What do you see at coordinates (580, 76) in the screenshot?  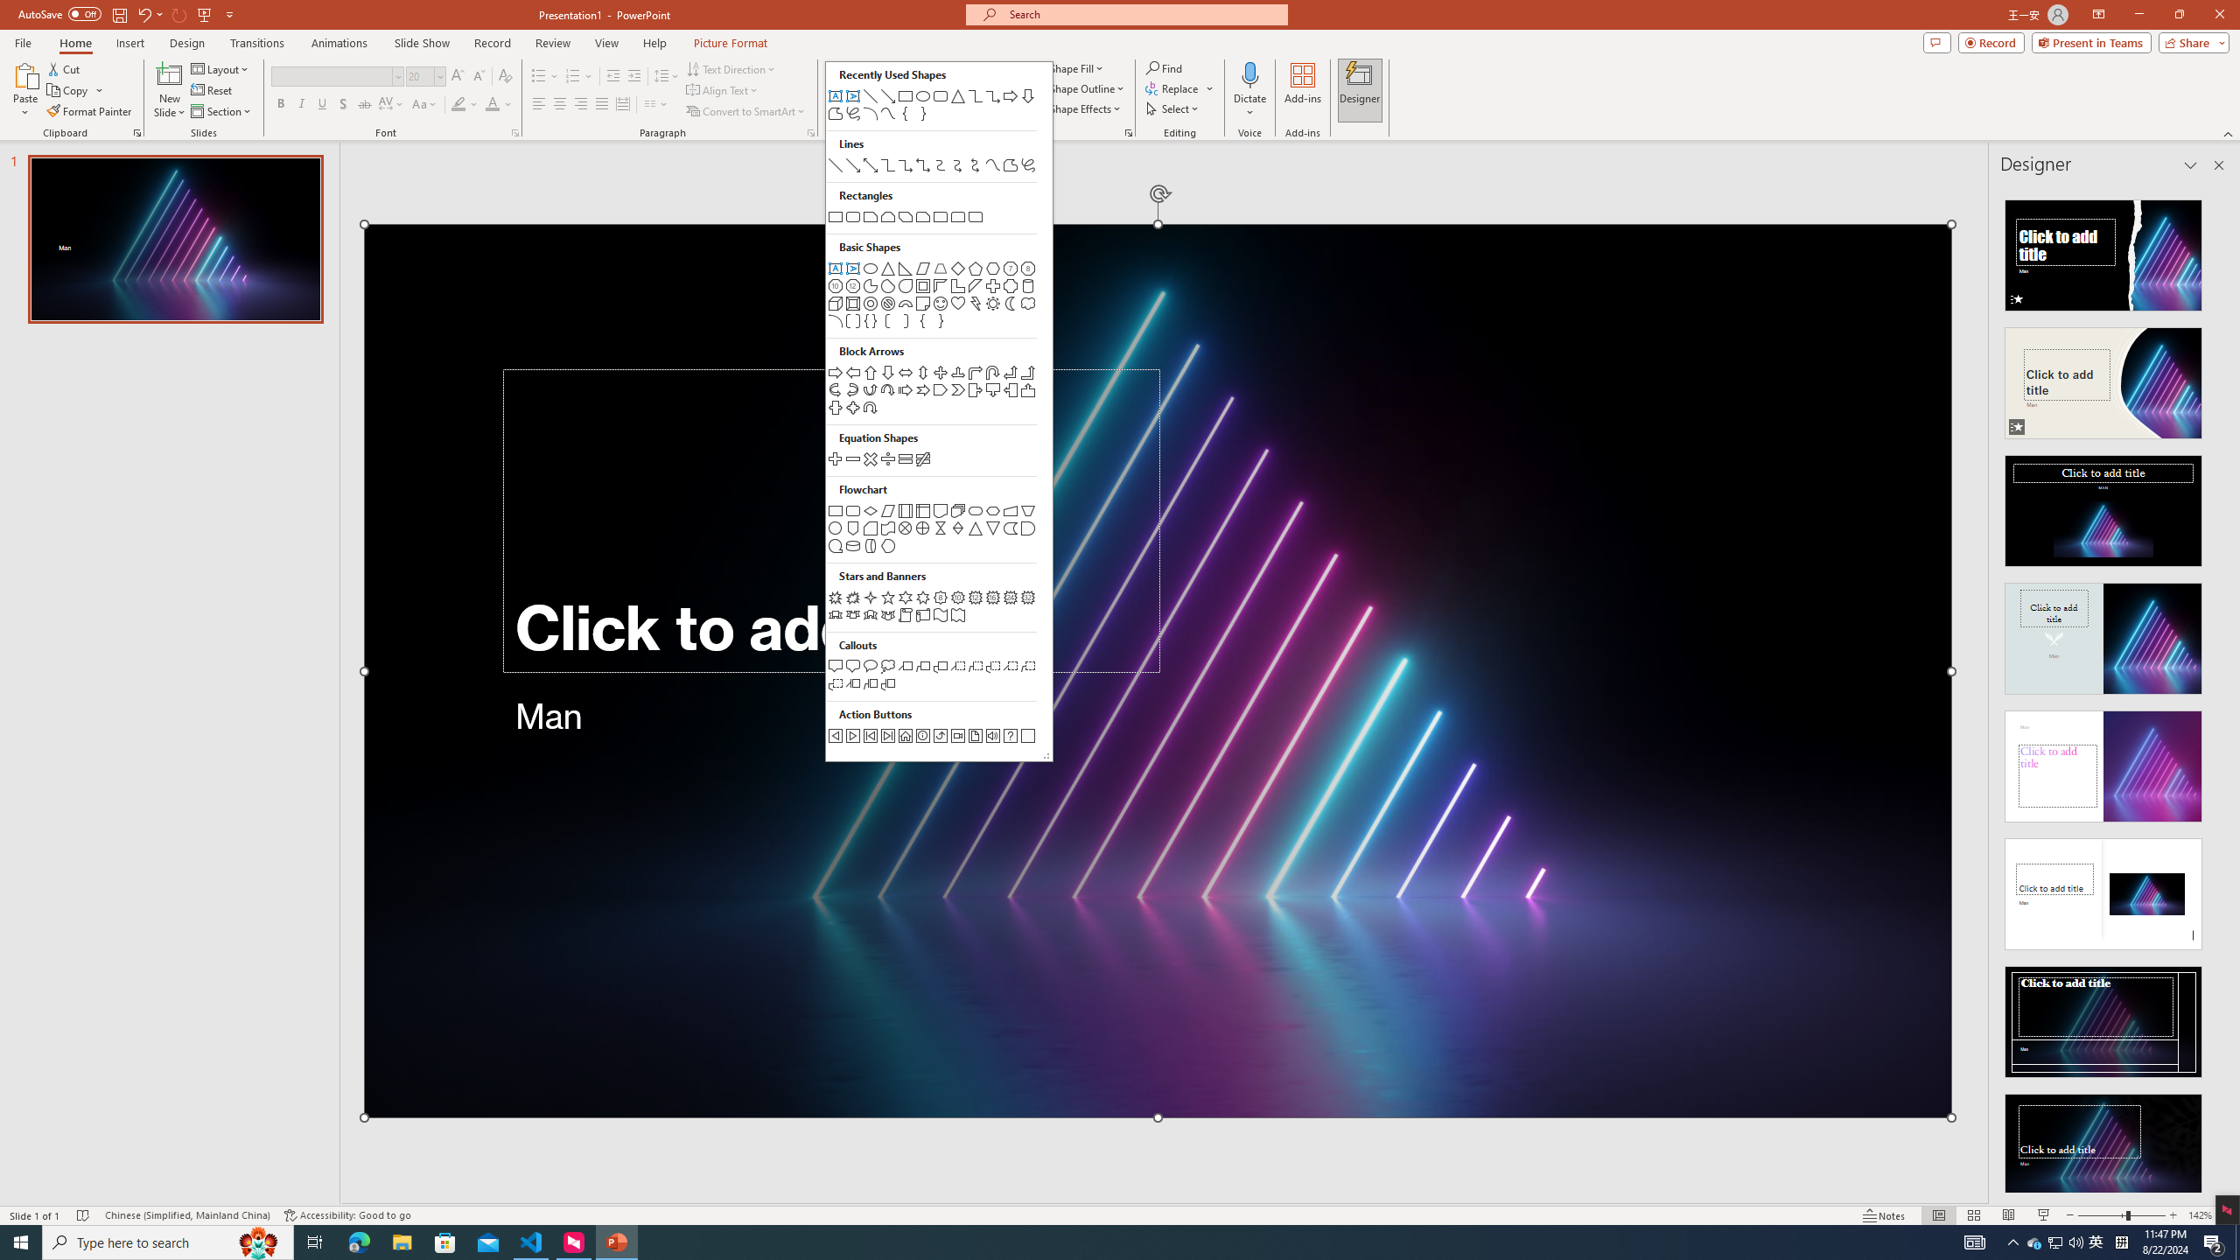 I see `'Numbering'` at bounding box center [580, 76].